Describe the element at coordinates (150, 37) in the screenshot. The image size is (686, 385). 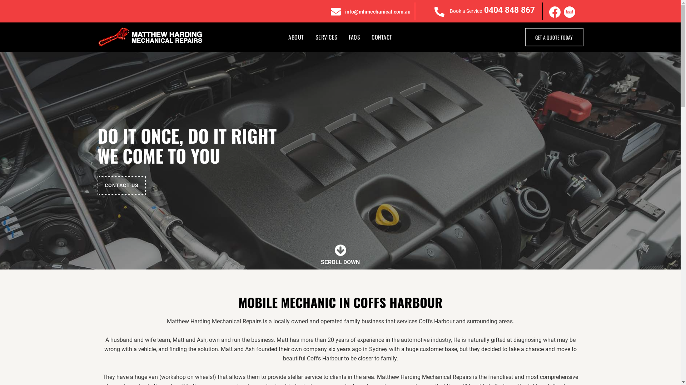
I see `'Mobile mechanic in Coffs Harbour'` at that location.